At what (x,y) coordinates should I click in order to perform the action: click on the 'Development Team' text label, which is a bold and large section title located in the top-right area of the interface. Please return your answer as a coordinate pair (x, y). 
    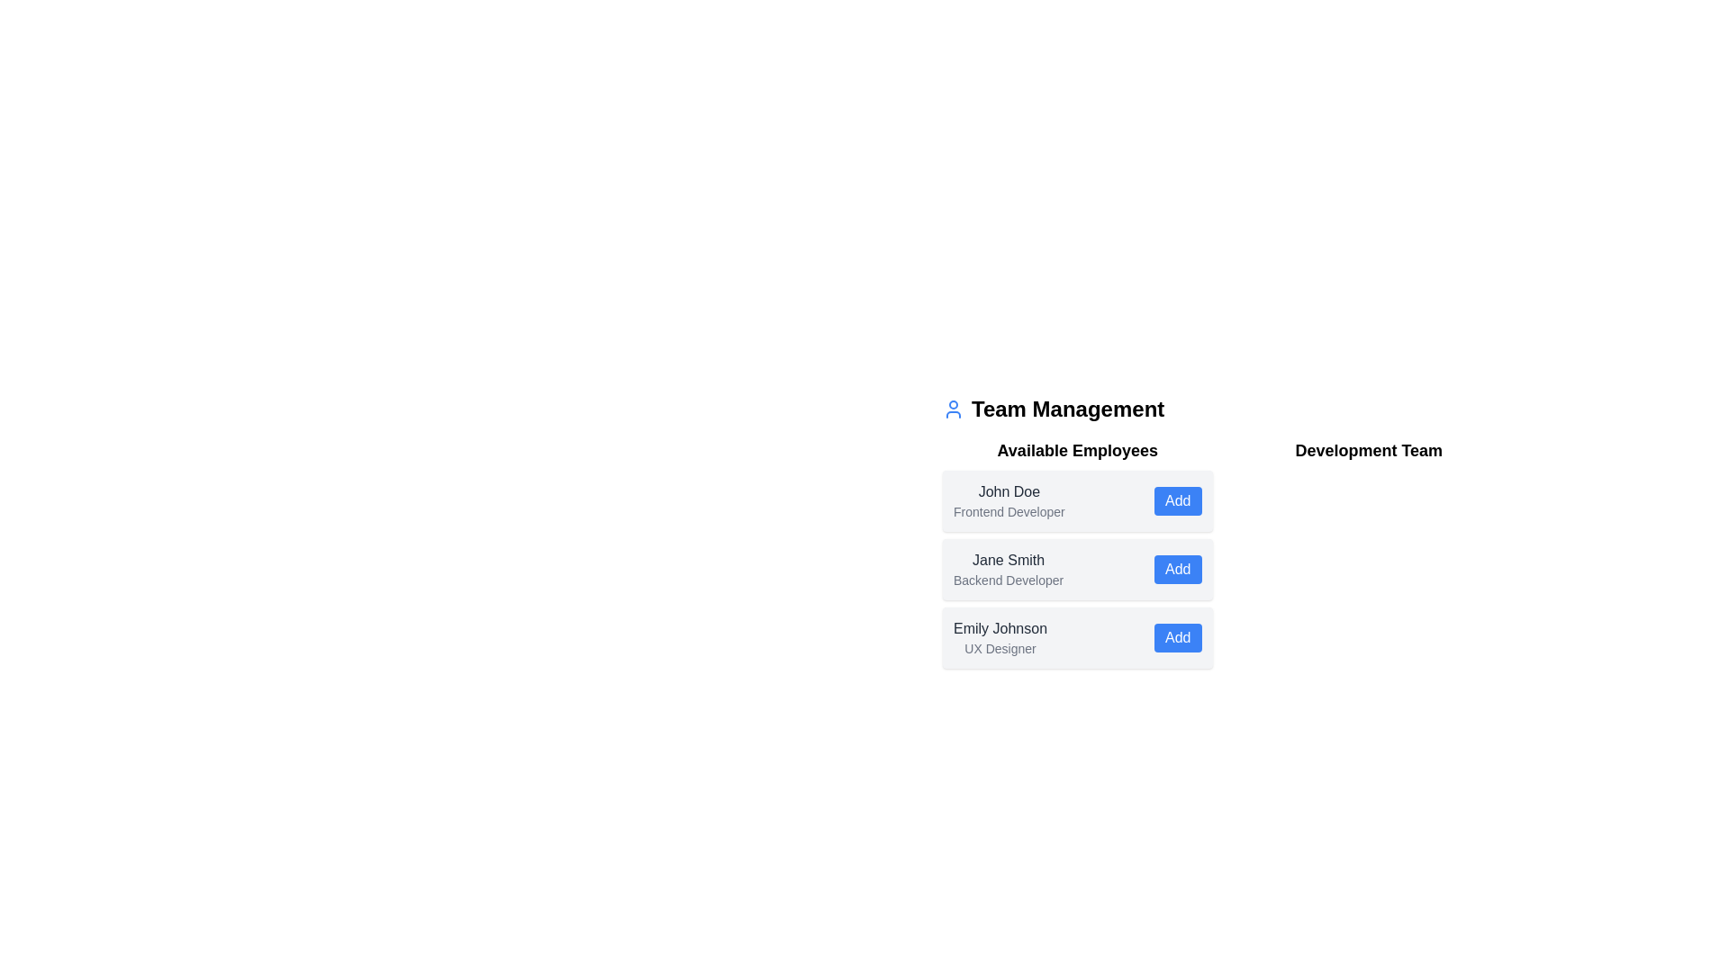
    Looking at the image, I should click on (1369, 450).